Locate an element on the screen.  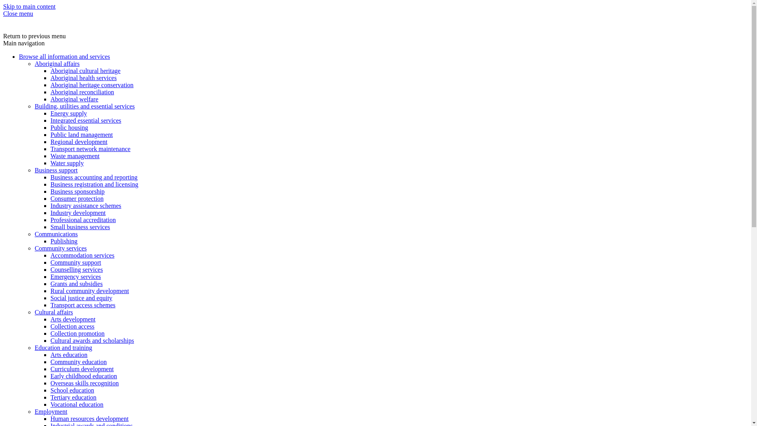
'Community education' is located at coordinates (78, 362).